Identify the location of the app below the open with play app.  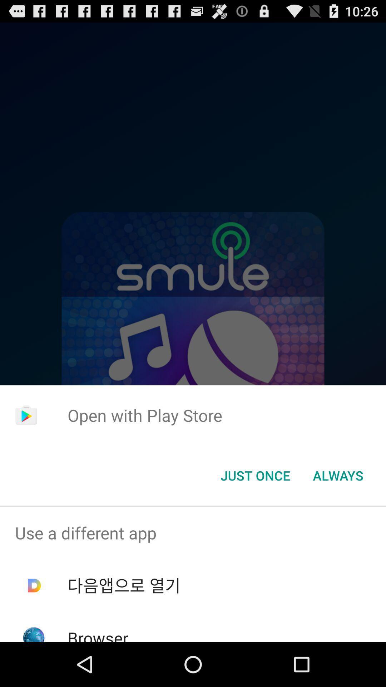
(255, 476).